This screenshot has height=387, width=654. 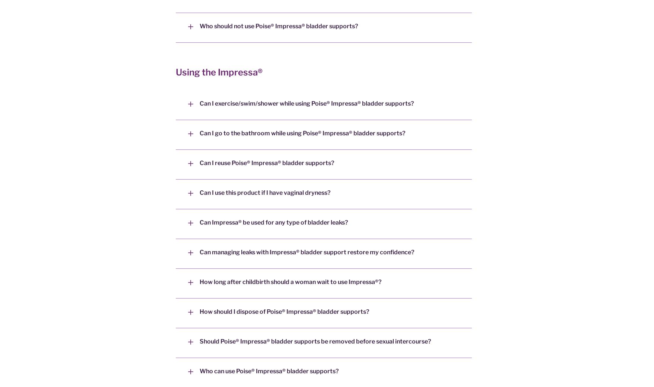 I want to click on 'Who can use Poise® Impressa® bladder supports?', so click(x=199, y=371).